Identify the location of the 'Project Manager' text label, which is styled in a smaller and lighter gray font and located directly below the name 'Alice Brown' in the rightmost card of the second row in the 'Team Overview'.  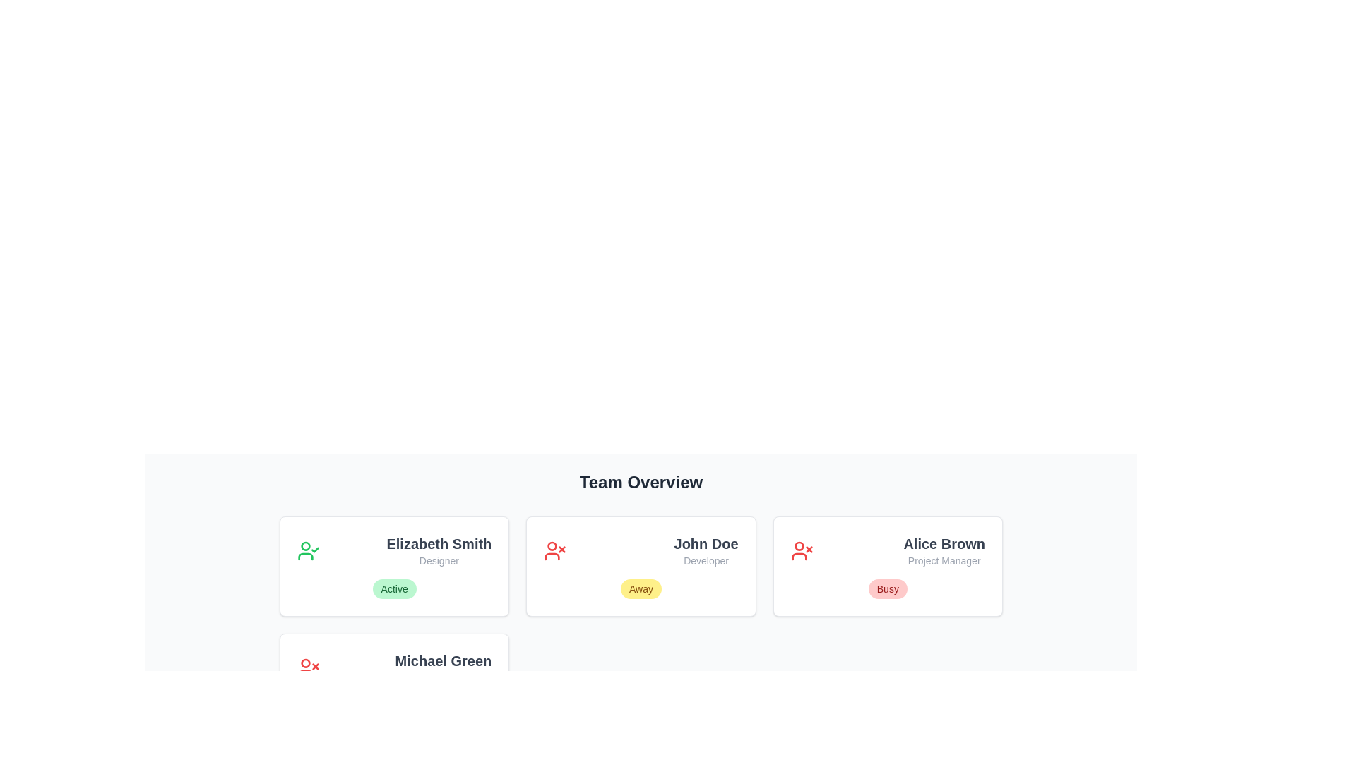
(944, 560).